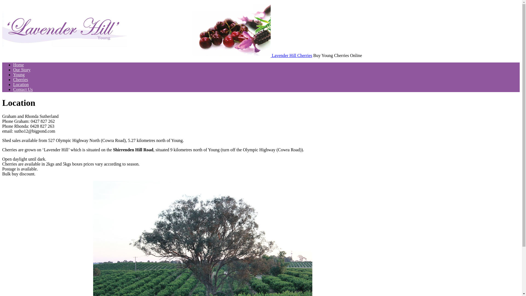 This screenshot has width=526, height=296. What do you see at coordinates (13, 79) in the screenshot?
I see `'Cherries'` at bounding box center [13, 79].